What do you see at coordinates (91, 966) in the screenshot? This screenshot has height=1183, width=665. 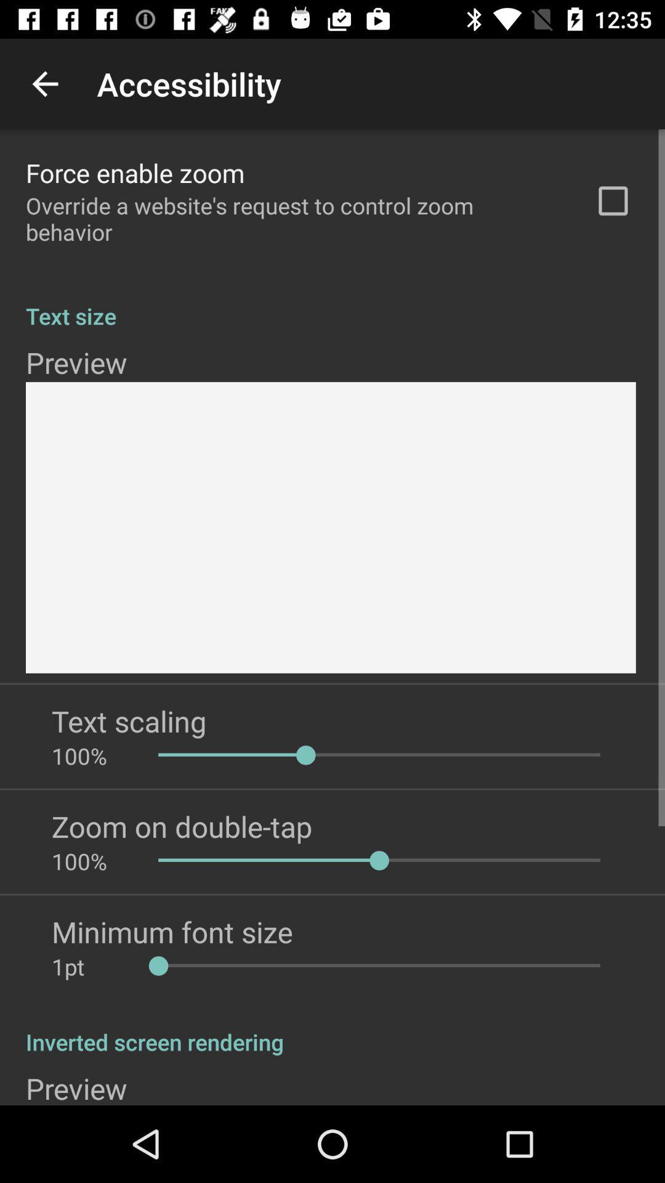 I see `the app above the inverted screen rendering icon` at bounding box center [91, 966].